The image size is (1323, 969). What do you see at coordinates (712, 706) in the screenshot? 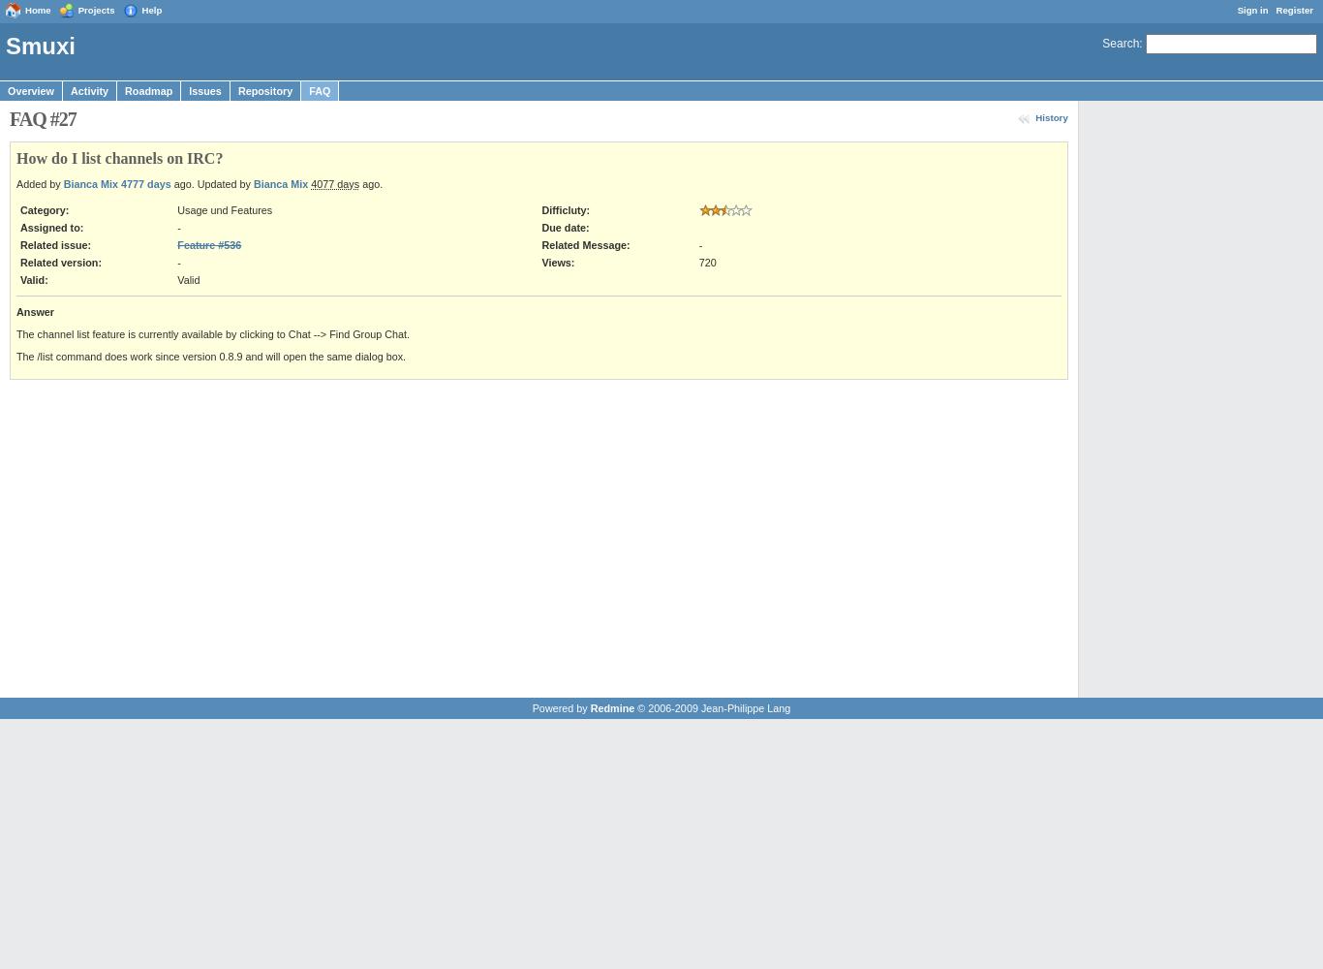
I see `'© 2006-2009 Jean-Philippe Lang'` at bounding box center [712, 706].